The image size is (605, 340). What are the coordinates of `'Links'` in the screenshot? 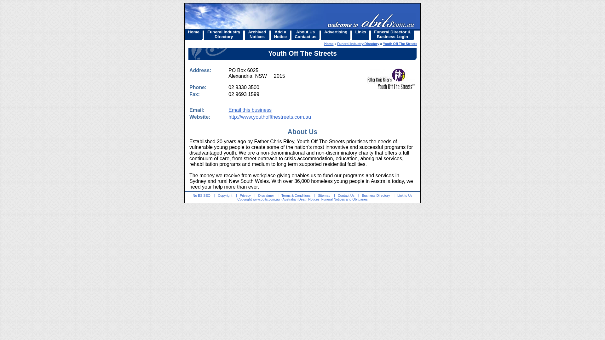 It's located at (352, 35).